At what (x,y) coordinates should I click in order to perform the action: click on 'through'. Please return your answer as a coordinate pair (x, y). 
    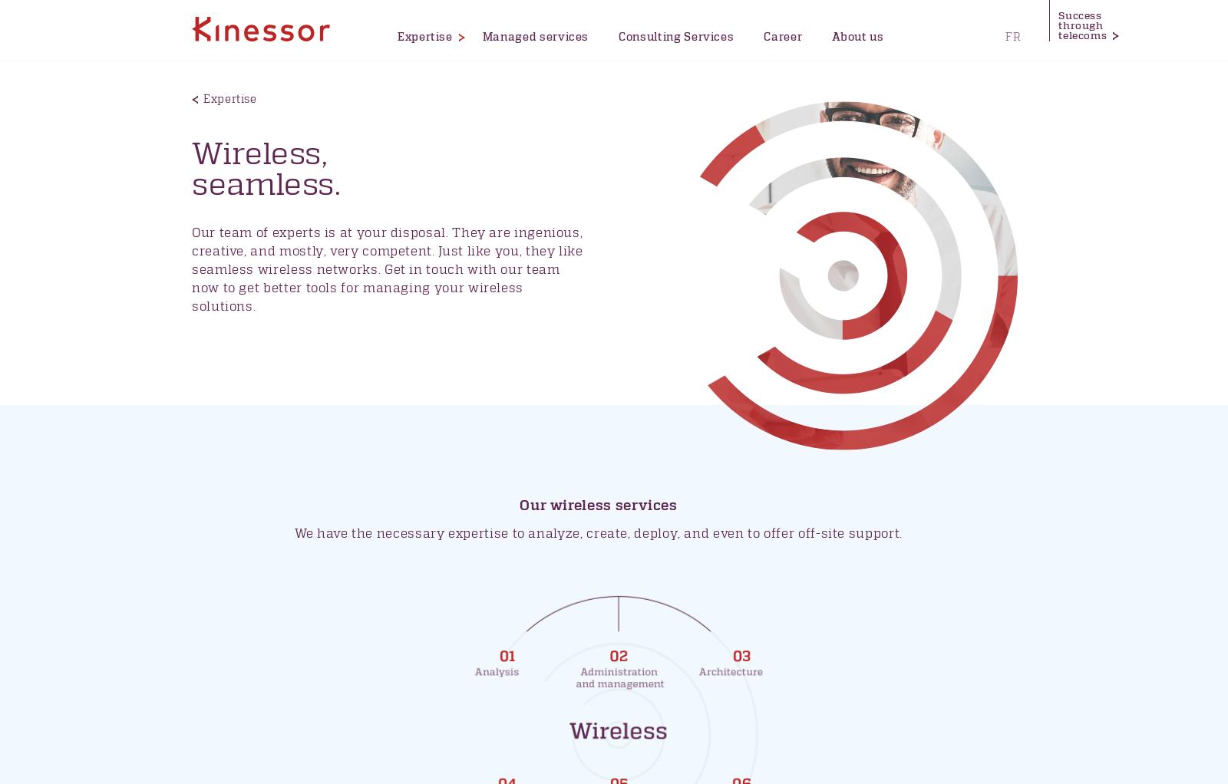
    Looking at the image, I should click on (1058, 25).